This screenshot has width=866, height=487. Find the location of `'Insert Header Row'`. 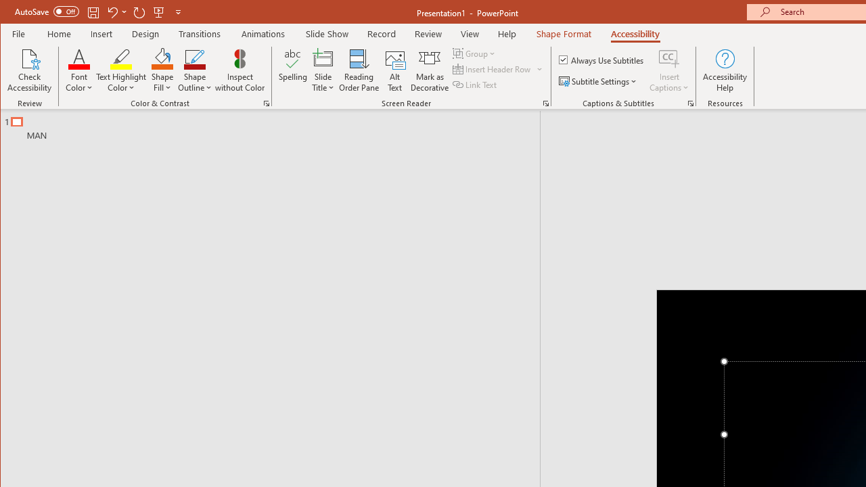

'Insert Header Row' is located at coordinates (497, 69).